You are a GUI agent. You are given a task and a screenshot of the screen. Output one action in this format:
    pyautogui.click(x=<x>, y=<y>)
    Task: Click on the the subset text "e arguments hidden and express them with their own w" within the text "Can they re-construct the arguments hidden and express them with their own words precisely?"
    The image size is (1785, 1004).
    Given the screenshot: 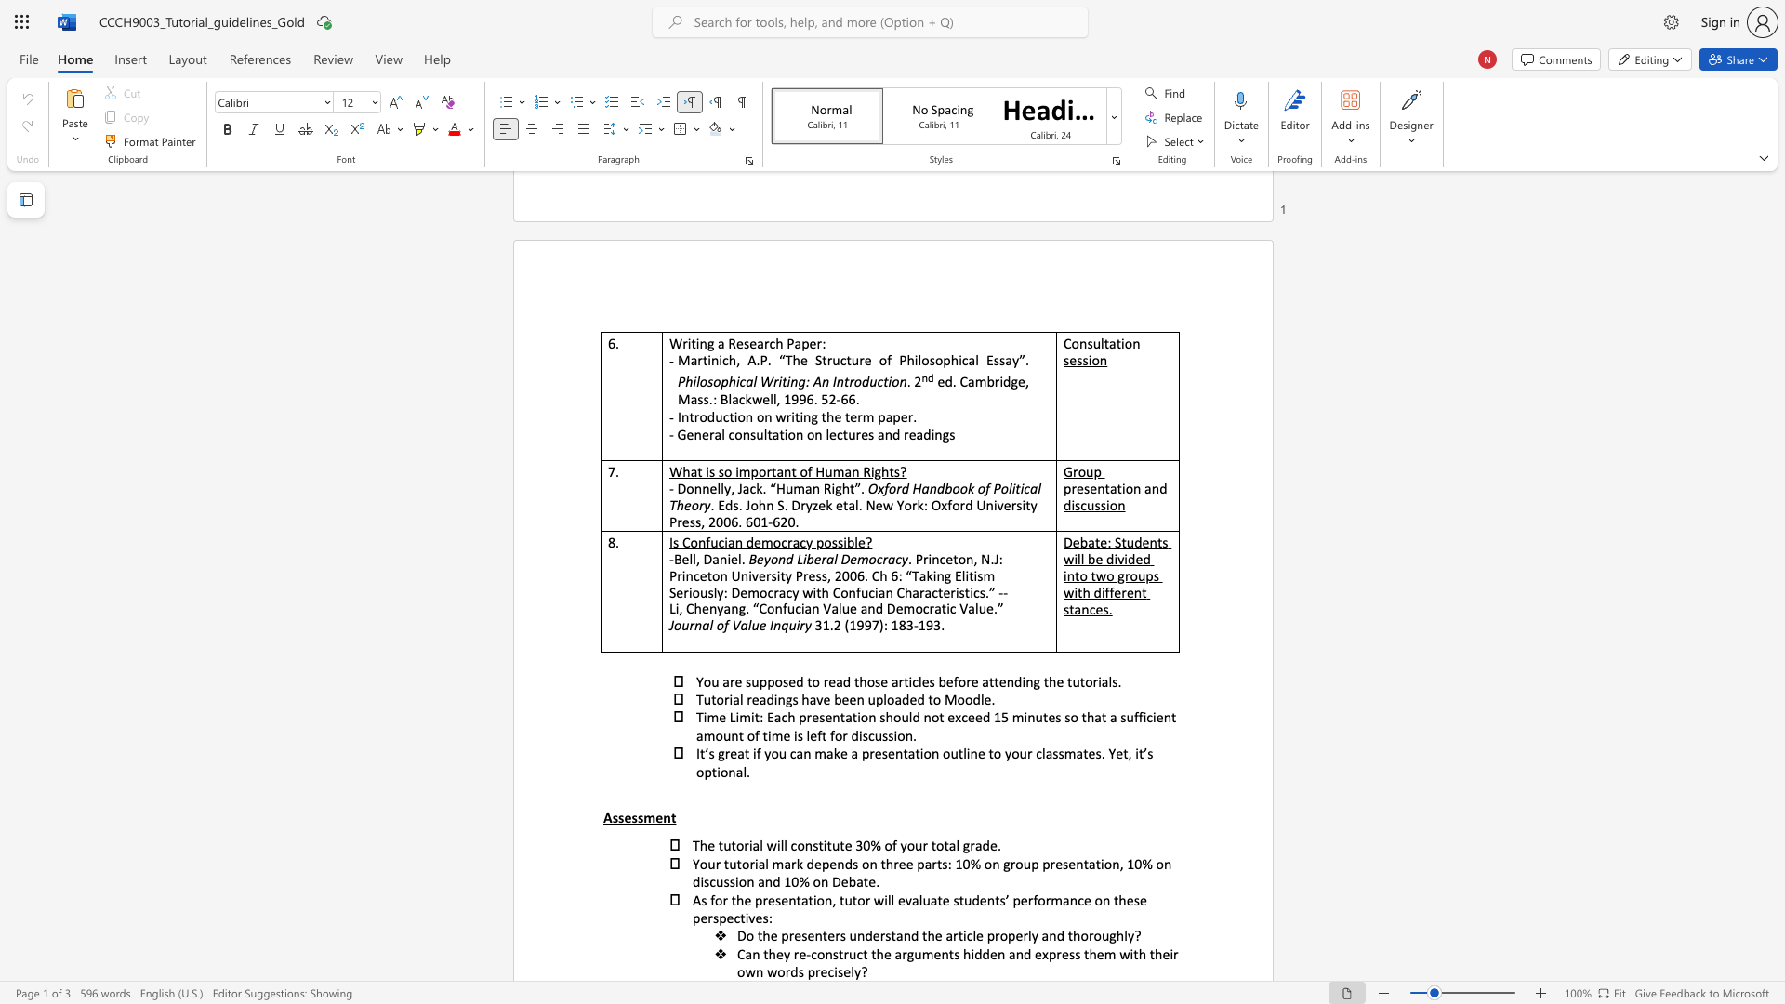 What is the action you would take?
    pyautogui.click(x=882, y=954)
    